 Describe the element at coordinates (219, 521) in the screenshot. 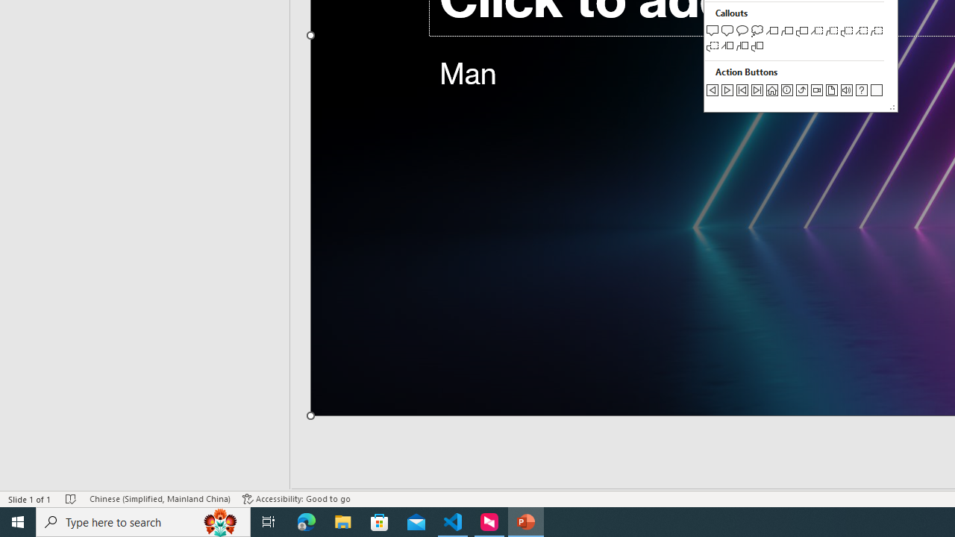

I see `'Search highlights icon opens search home window'` at that location.